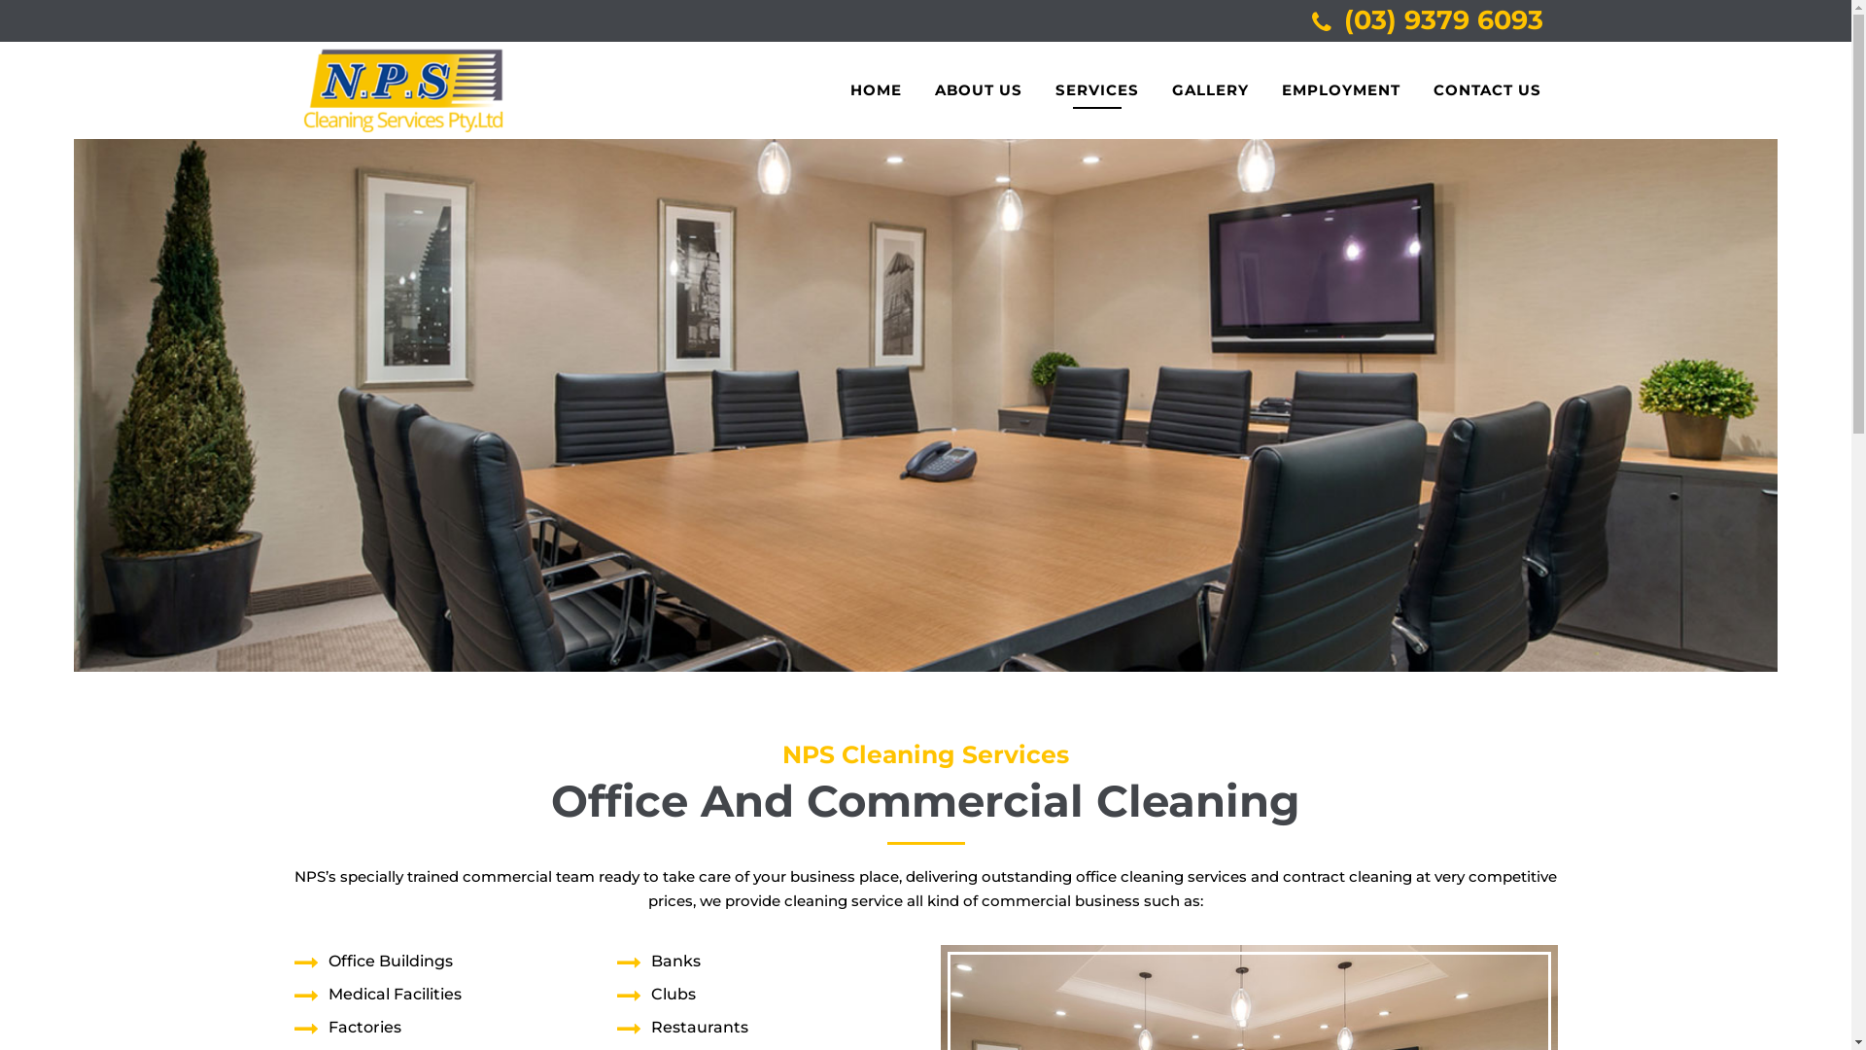 The width and height of the screenshot is (1866, 1050). I want to click on 'HOME', so click(875, 89).